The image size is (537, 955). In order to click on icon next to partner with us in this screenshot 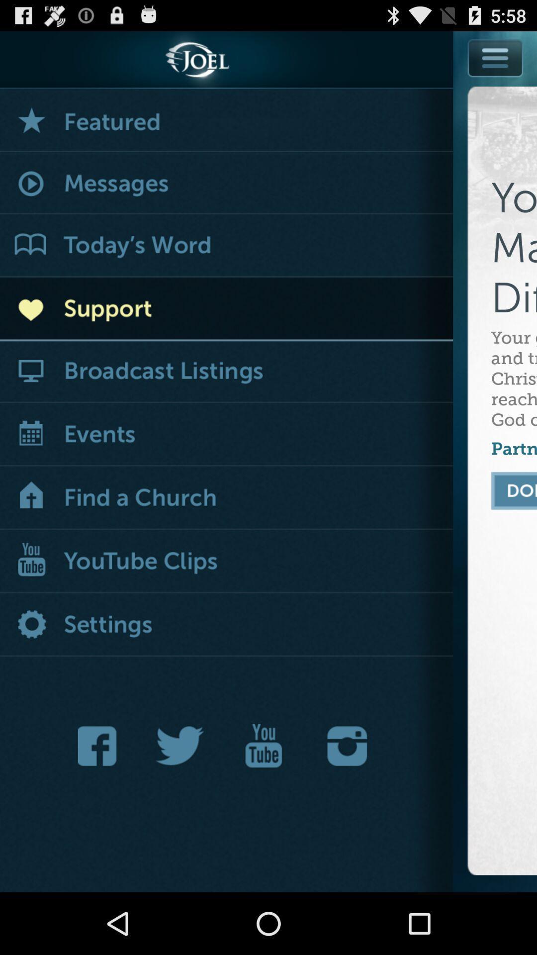, I will do `click(226, 498)`.